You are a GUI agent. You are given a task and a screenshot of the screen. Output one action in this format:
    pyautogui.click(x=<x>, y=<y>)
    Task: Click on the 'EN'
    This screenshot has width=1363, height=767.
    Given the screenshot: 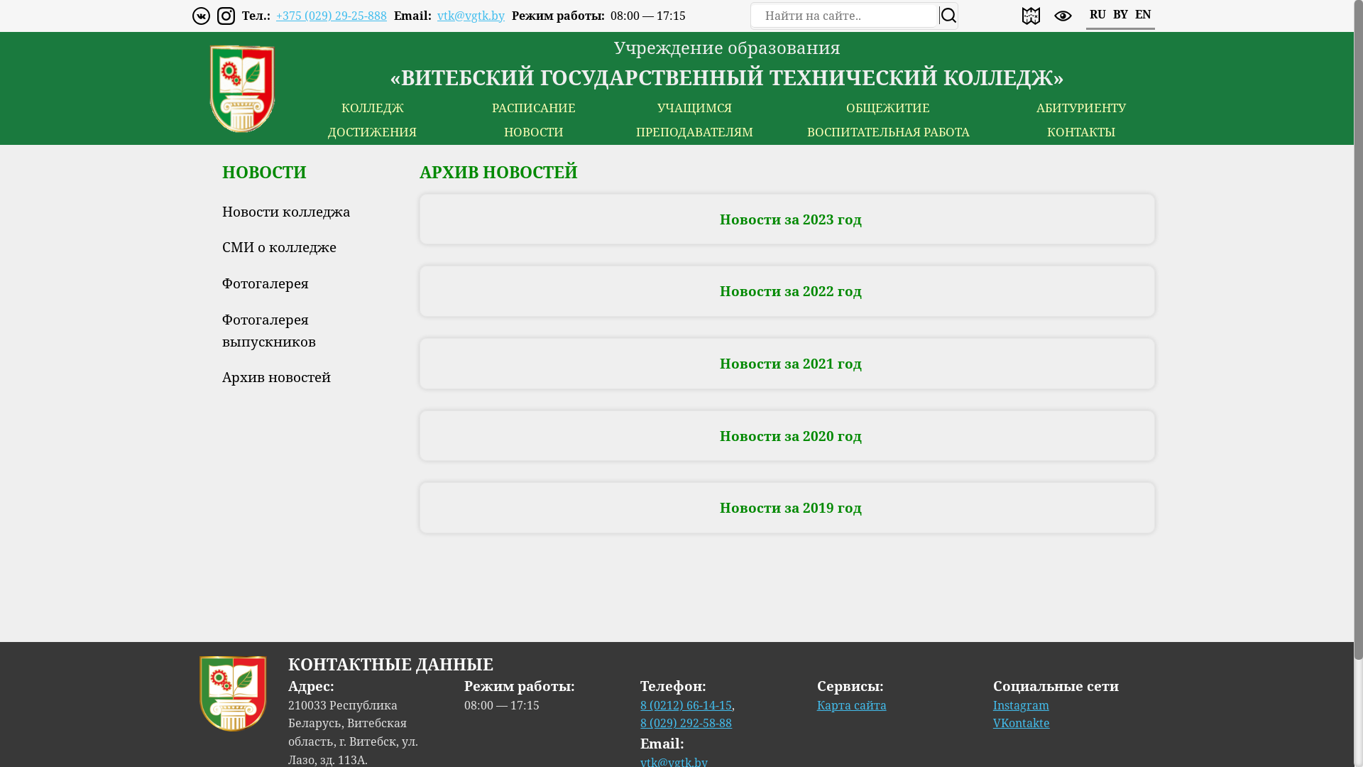 What is the action you would take?
    pyautogui.click(x=1143, y=14)
    